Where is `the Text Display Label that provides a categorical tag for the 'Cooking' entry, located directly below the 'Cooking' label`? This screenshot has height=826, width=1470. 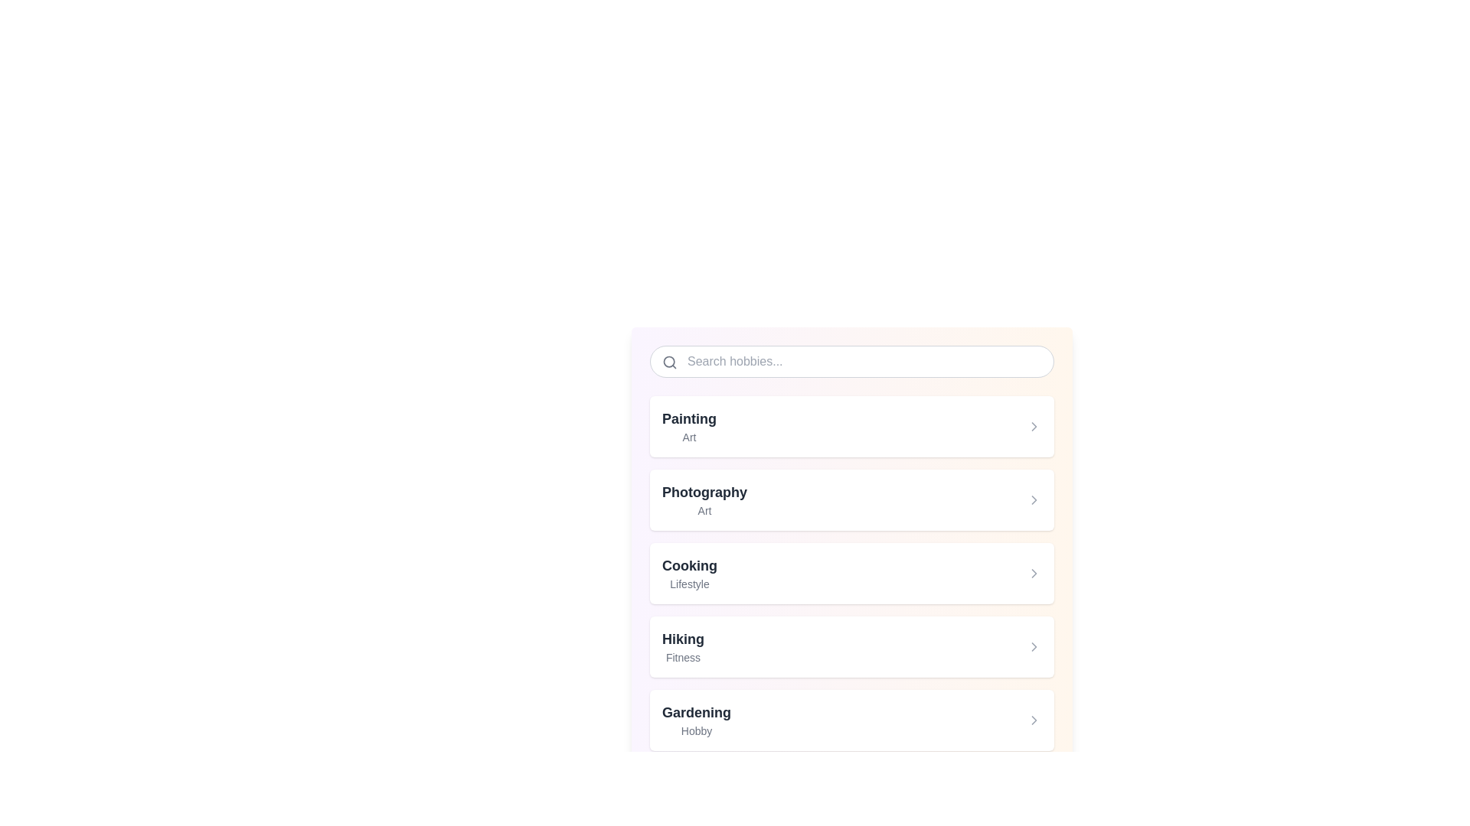 the Text Display Label that provides a categorical tag for the 'Cooking' entry, located directly below the 'Cooking' label is located at coordinates (689, 584).